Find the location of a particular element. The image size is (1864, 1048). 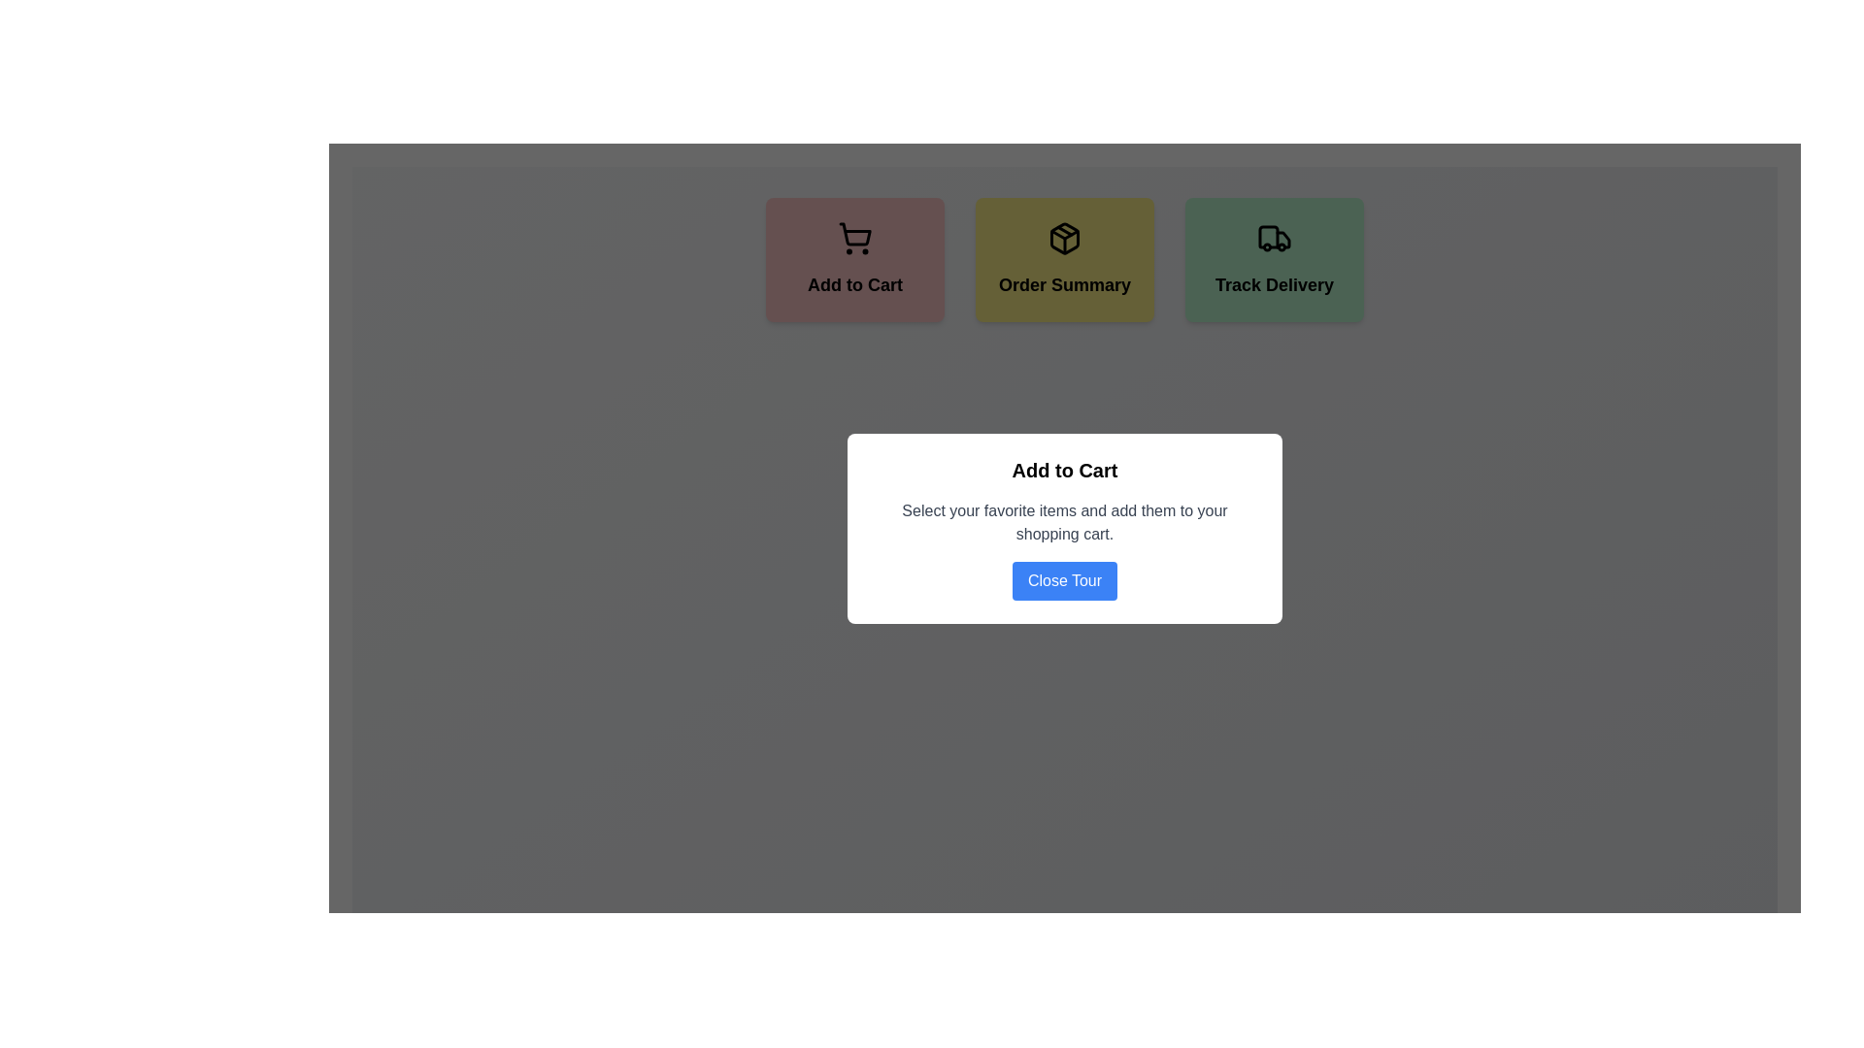

the text label reading 'Add to Cart' located in the lower portion of the red button is located at coordinates (854, 284).